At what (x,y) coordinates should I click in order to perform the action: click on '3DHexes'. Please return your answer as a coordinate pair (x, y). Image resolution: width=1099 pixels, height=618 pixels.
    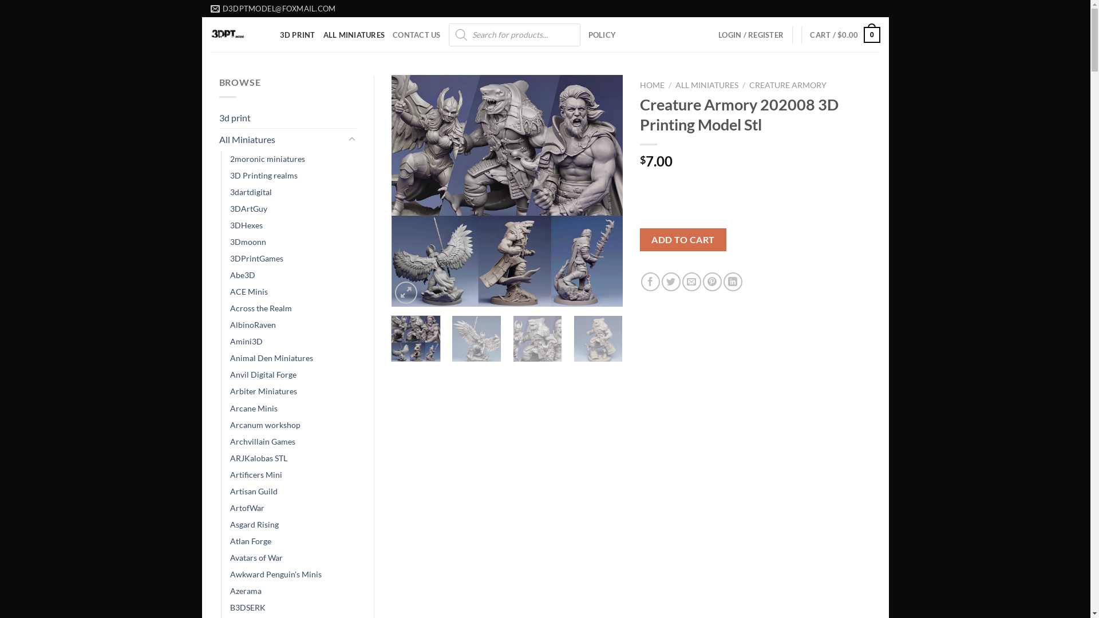
    Looking at the image, I should click on (246, 225).